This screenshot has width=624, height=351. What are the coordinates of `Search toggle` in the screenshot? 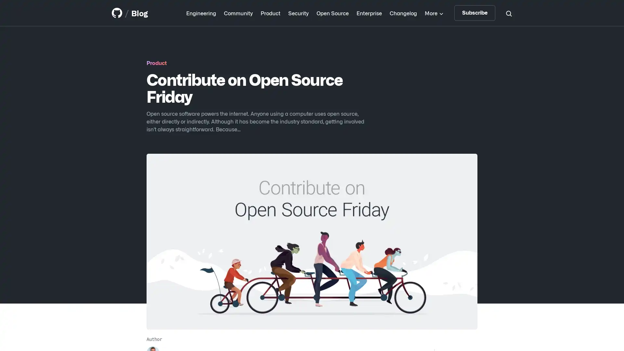 It's located at (508, 12).